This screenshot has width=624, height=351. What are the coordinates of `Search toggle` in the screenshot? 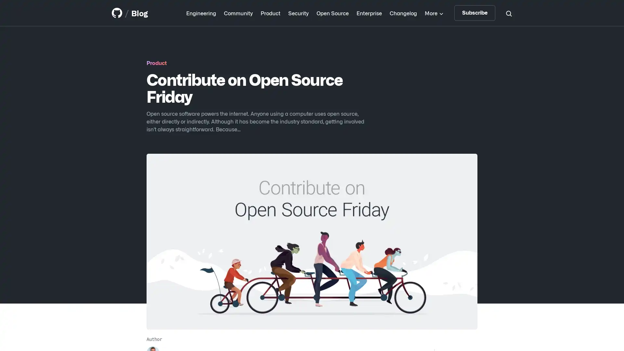 It's located at (508, 12).